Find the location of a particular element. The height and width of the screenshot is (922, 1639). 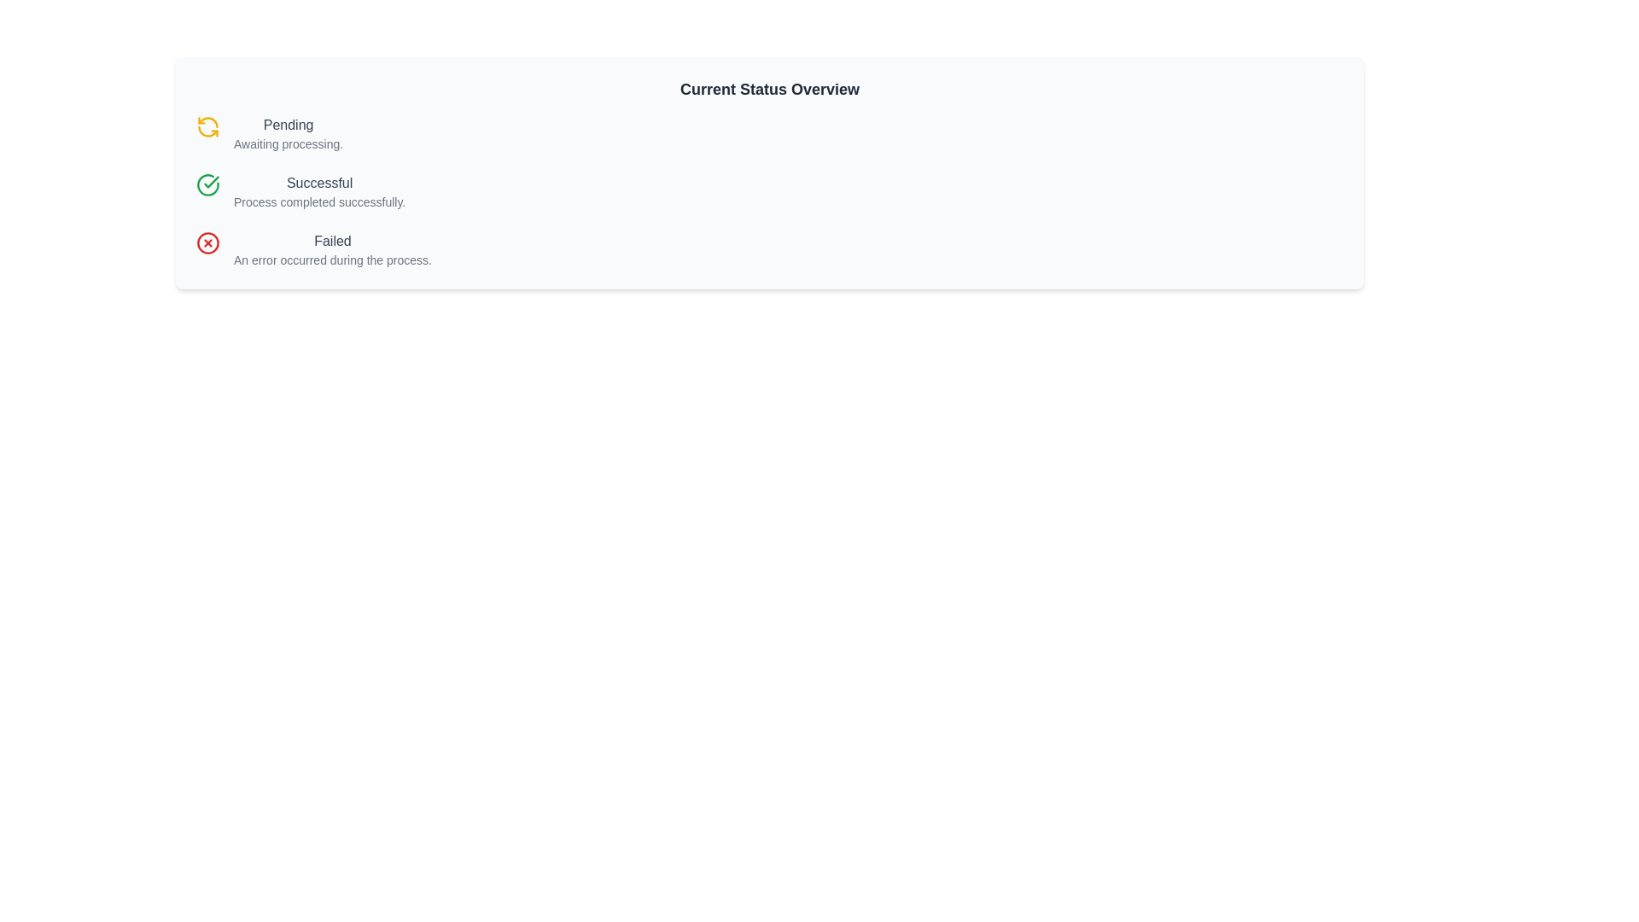

the 'Failed' text label, which is displayed in a medium-sized gray font, to potentially display tooltips or additional information is located at coordinates (332, 241).